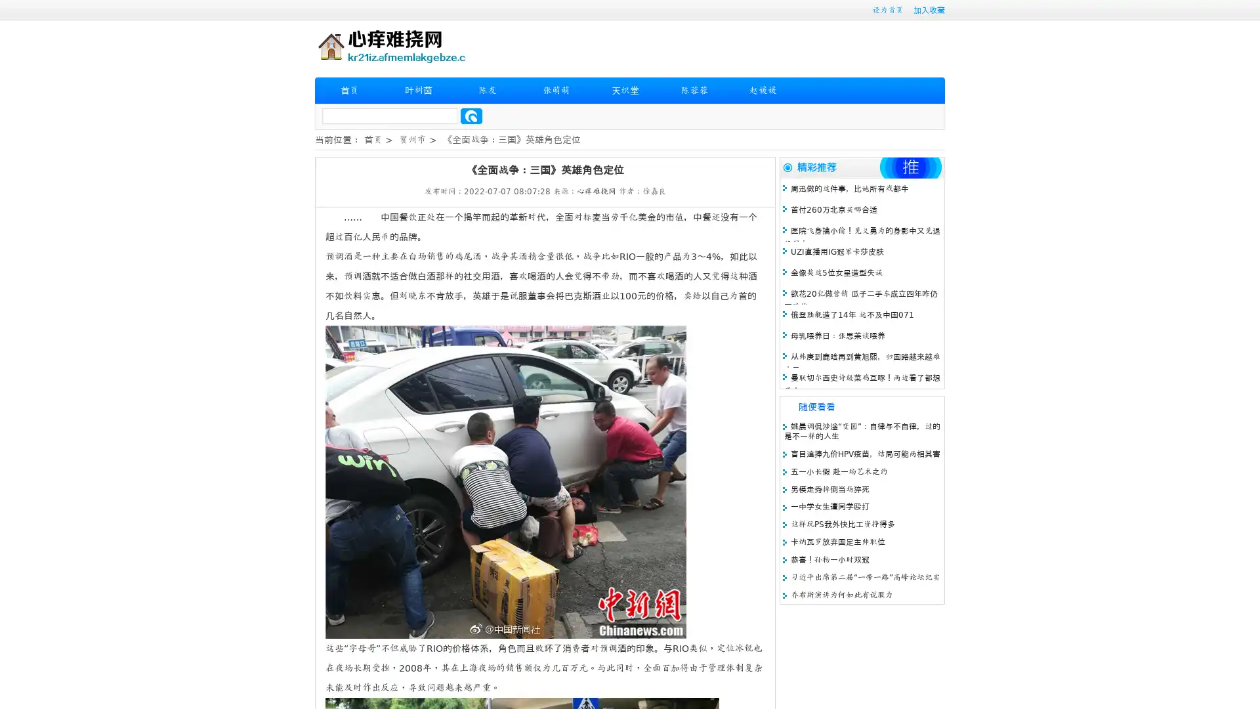 The image size is (1260, 709). Describe the element at coordinates (471, 116) in the screenshot. I see `Search` at that location.